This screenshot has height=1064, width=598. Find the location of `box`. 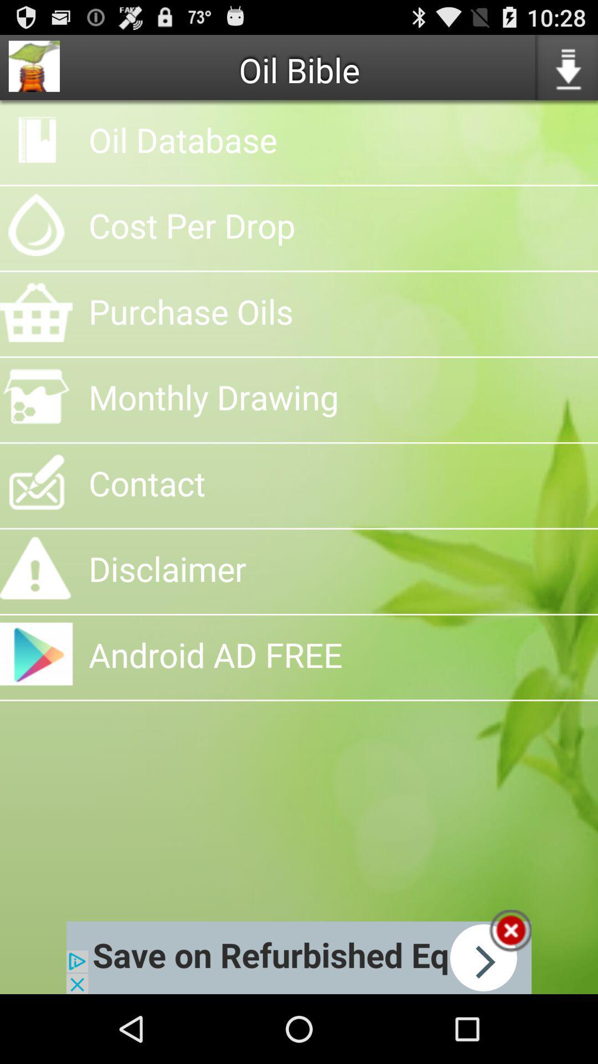

box is located at coordinates (510, 931).